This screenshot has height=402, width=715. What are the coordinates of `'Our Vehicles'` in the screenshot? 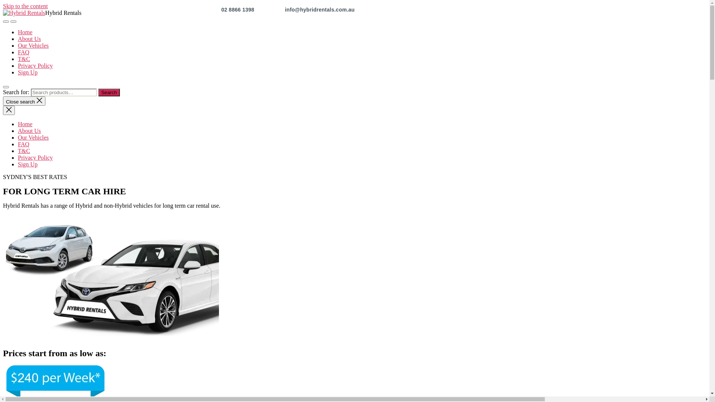 It's located at (18, 137).